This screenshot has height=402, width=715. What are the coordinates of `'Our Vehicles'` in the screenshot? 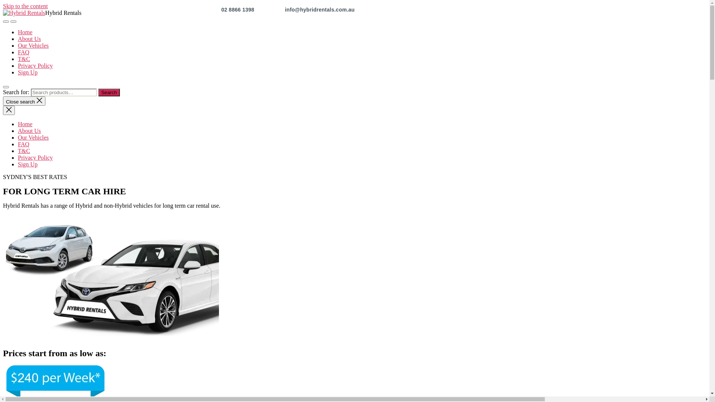 It's located at (18, 137).